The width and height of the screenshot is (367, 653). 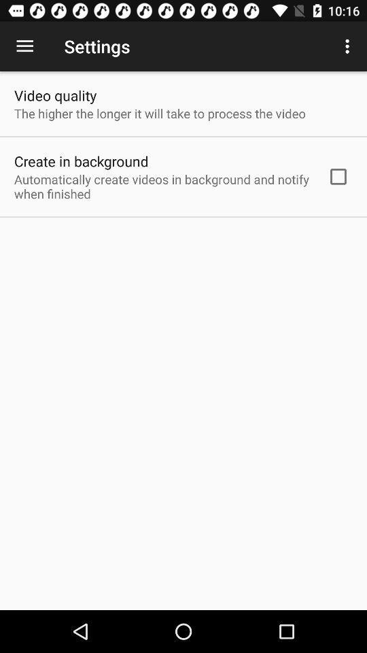 What do you see at coordinates (159, 112) in the screenshot?
I see `the item above create in background` at bounding box center [159, 112].